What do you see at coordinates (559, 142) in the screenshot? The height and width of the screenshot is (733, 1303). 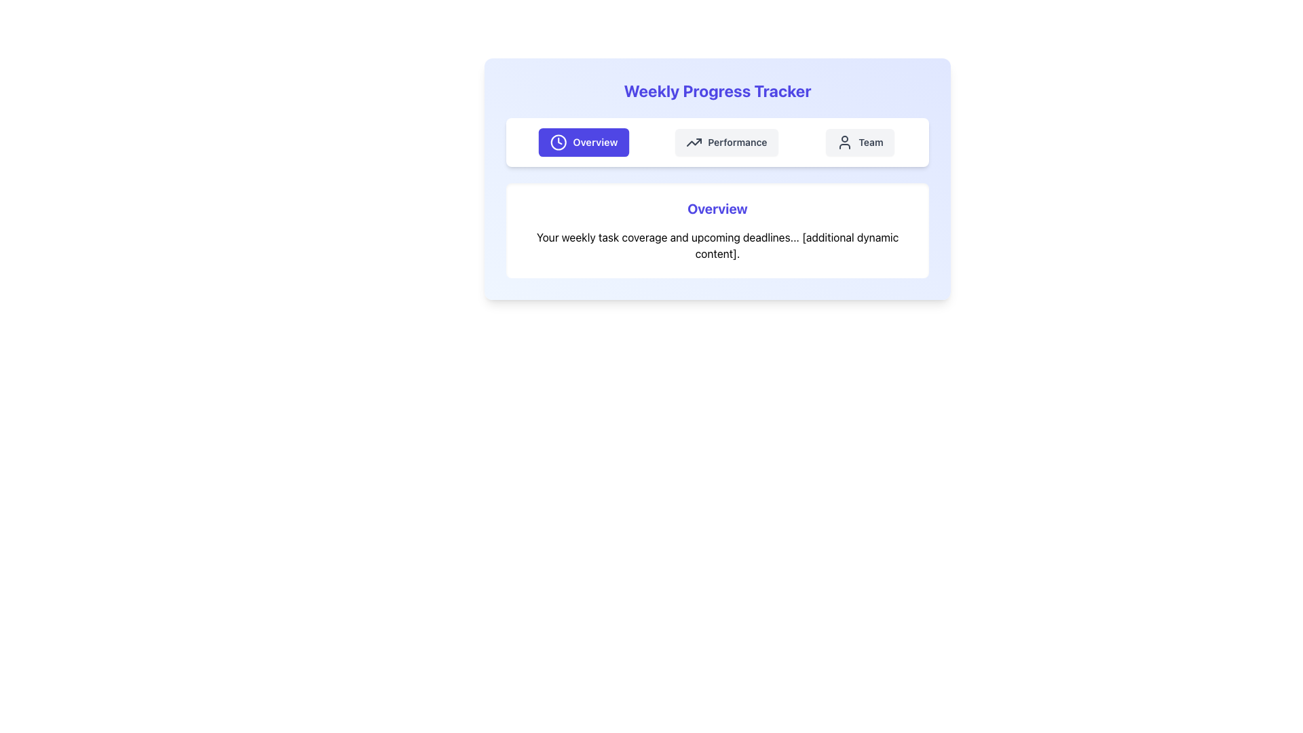 I see `the circular outline representing the clock face within the 'Overview' button icon` at bounding box center [559, 142].